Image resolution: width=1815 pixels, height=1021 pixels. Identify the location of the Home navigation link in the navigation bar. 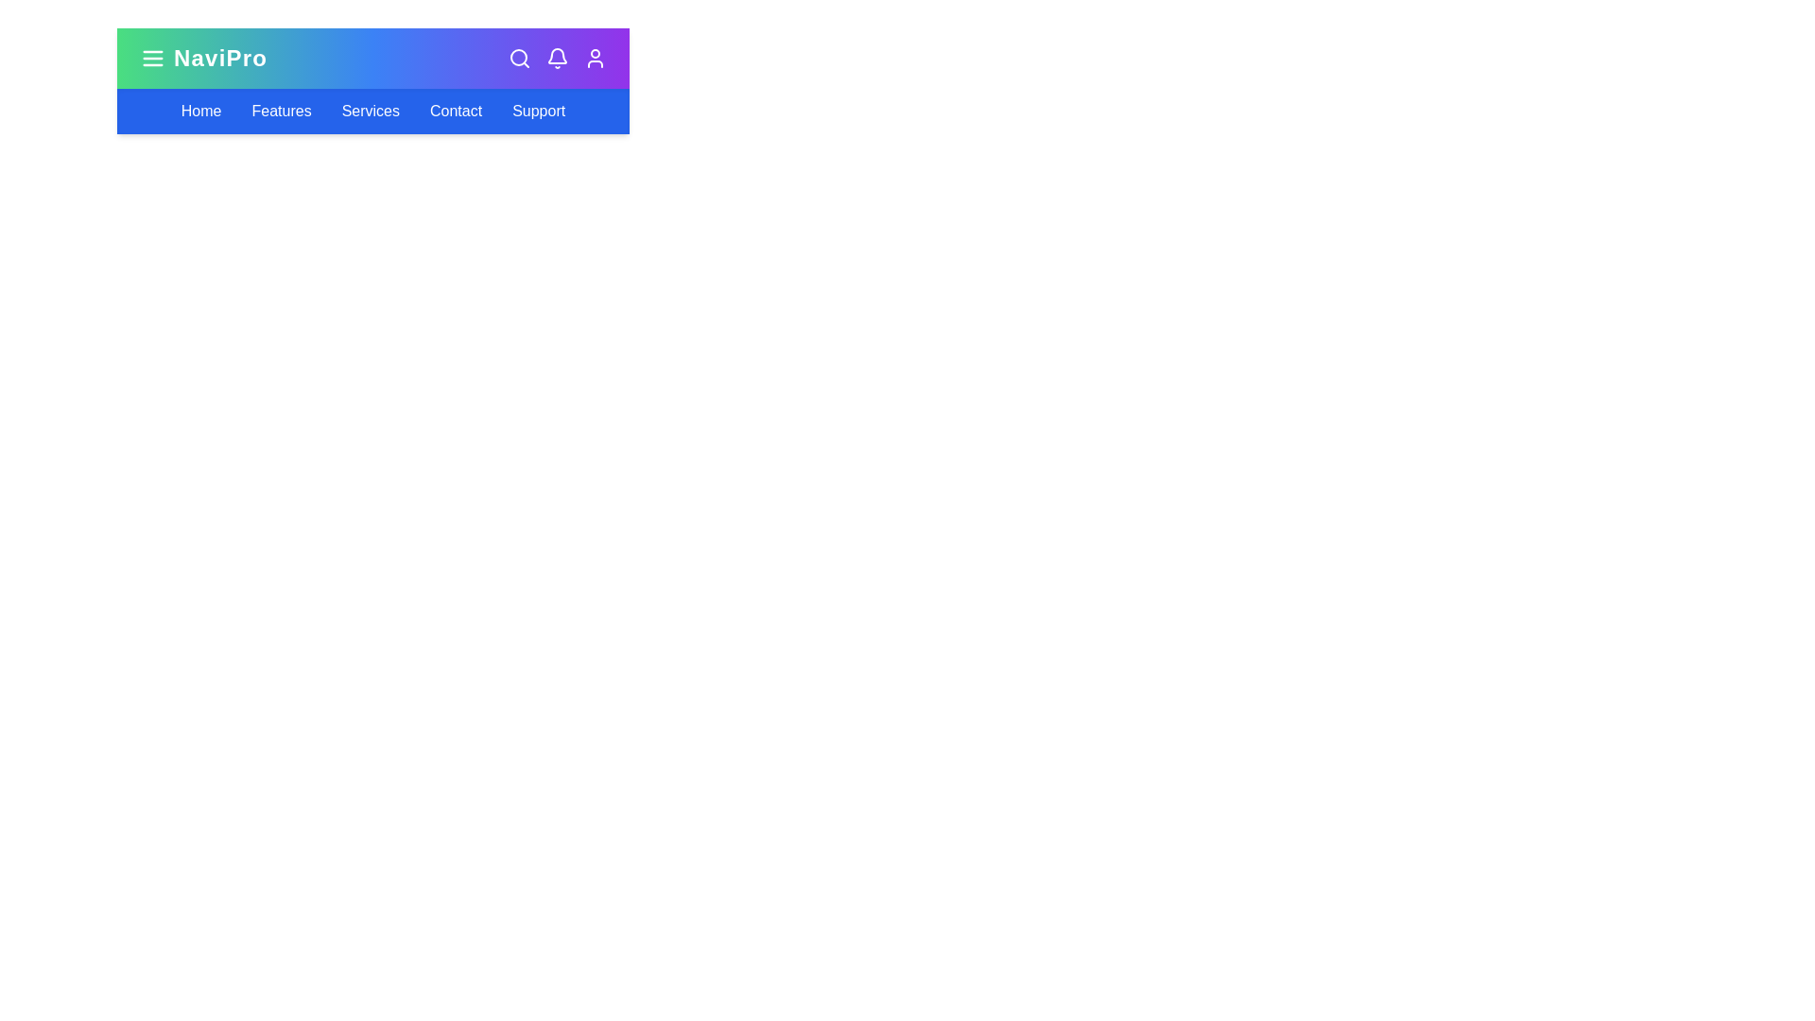
(200, 112).